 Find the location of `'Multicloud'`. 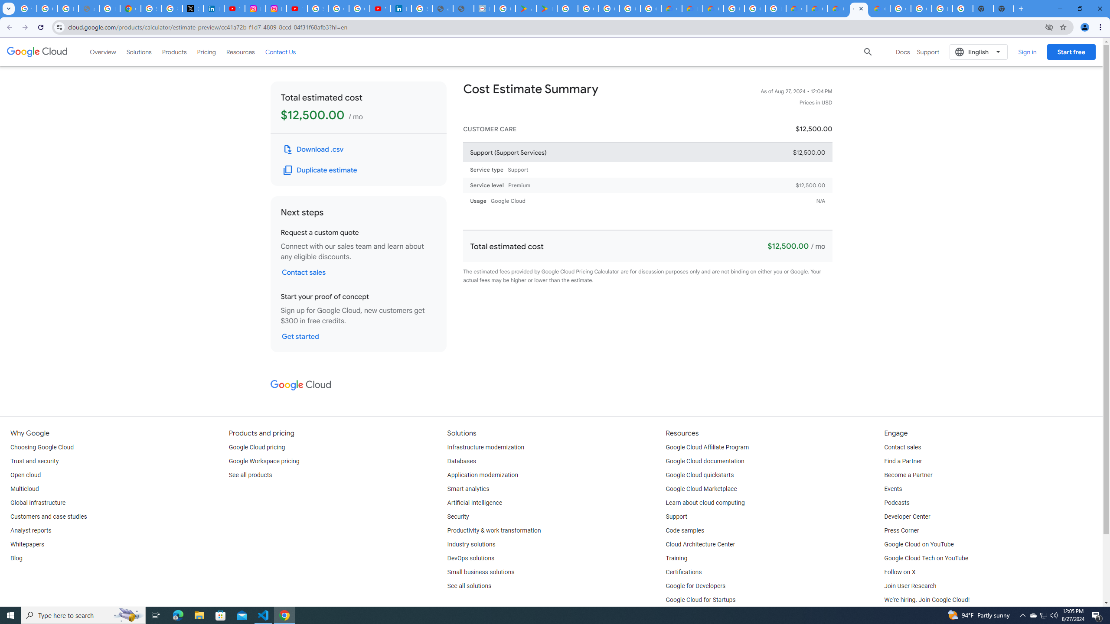

'Multicloud' is located at coordinates (24, 488).